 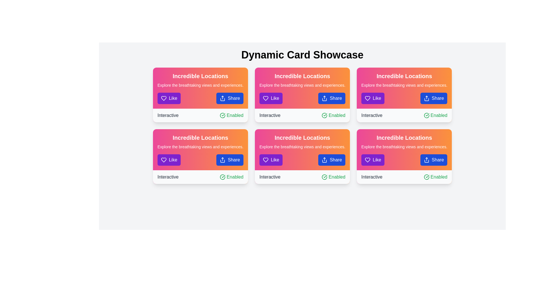 What do you see at coordinates (404, 160) in the screenshot?
I see `the 'Share' button in the Interactive Button Group located in the lower section of the fourth card titled 'Incredible Locations'` at bounding box center [404, 160].